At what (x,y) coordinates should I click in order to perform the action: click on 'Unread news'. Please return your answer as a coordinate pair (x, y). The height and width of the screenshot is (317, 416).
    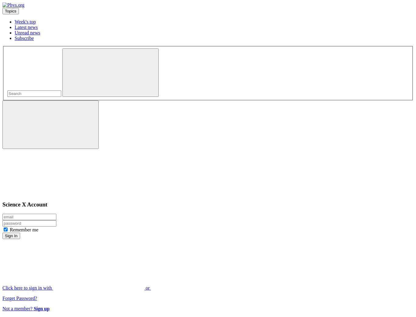
    Looking at the image, I should click on (27, 33).